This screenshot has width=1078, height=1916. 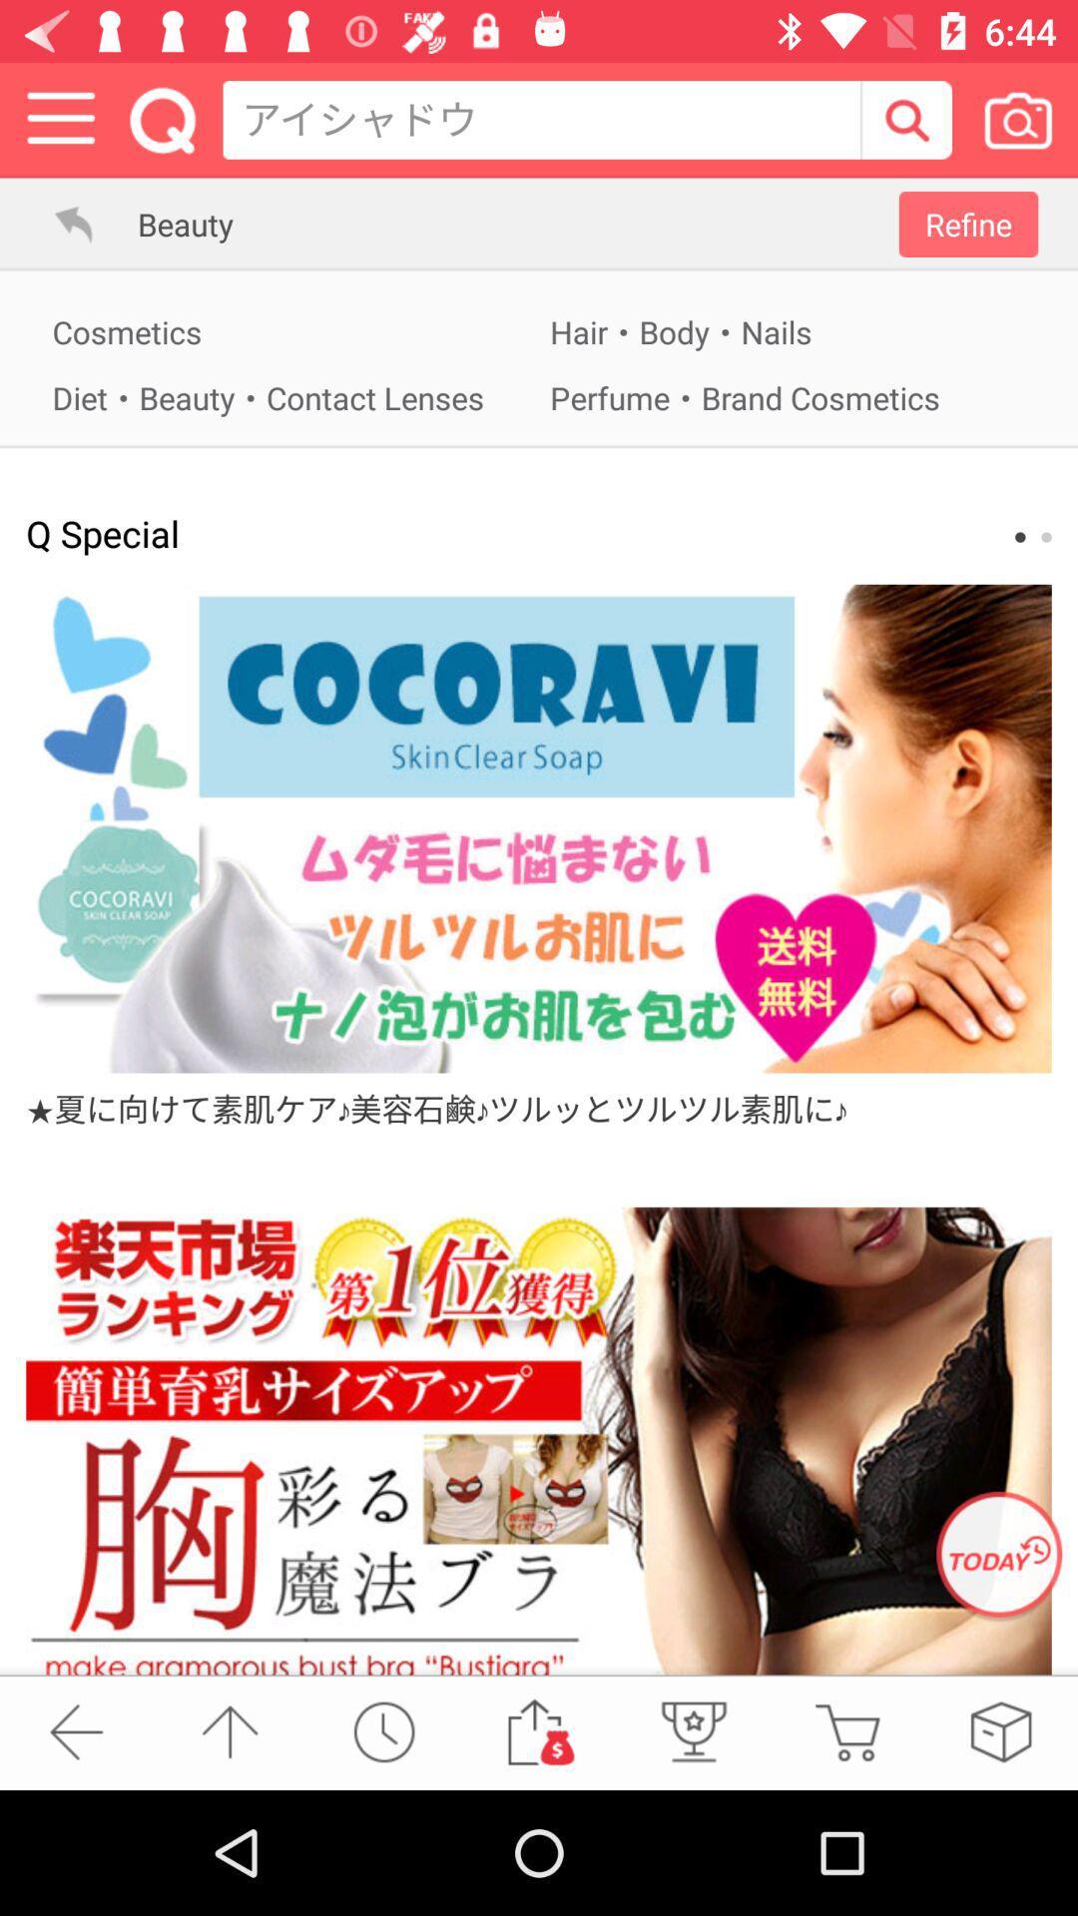 I want to click on text below the text body, so click(x=787, y=397).